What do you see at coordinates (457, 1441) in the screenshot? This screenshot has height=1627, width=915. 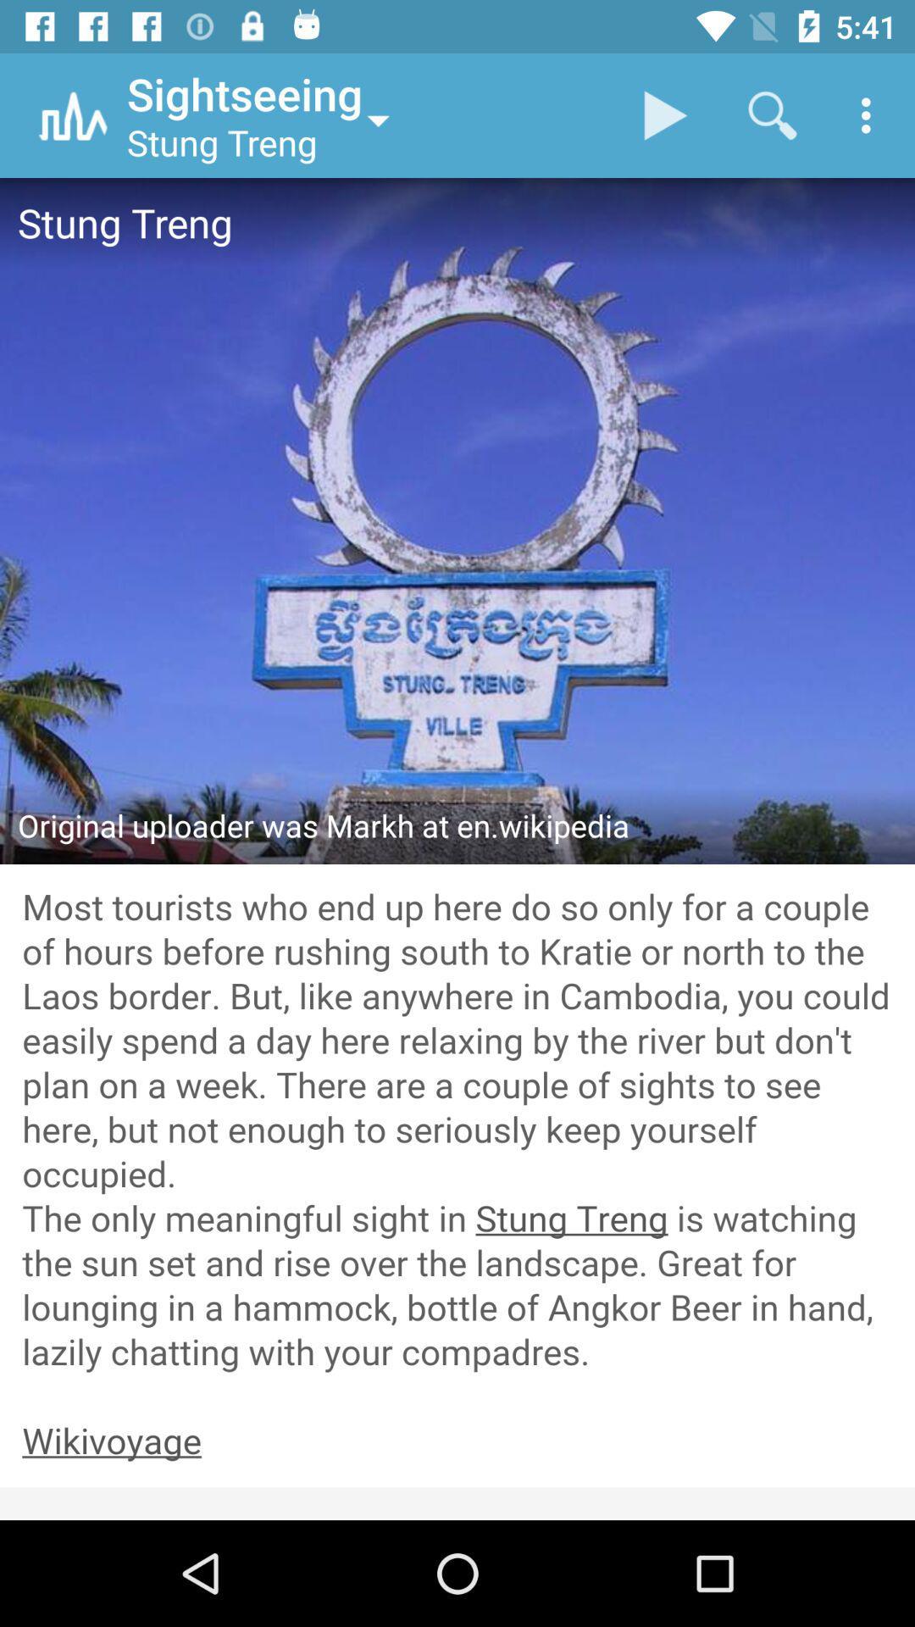 I see `link to wikivoyage` at bounding box center [457, 1441].